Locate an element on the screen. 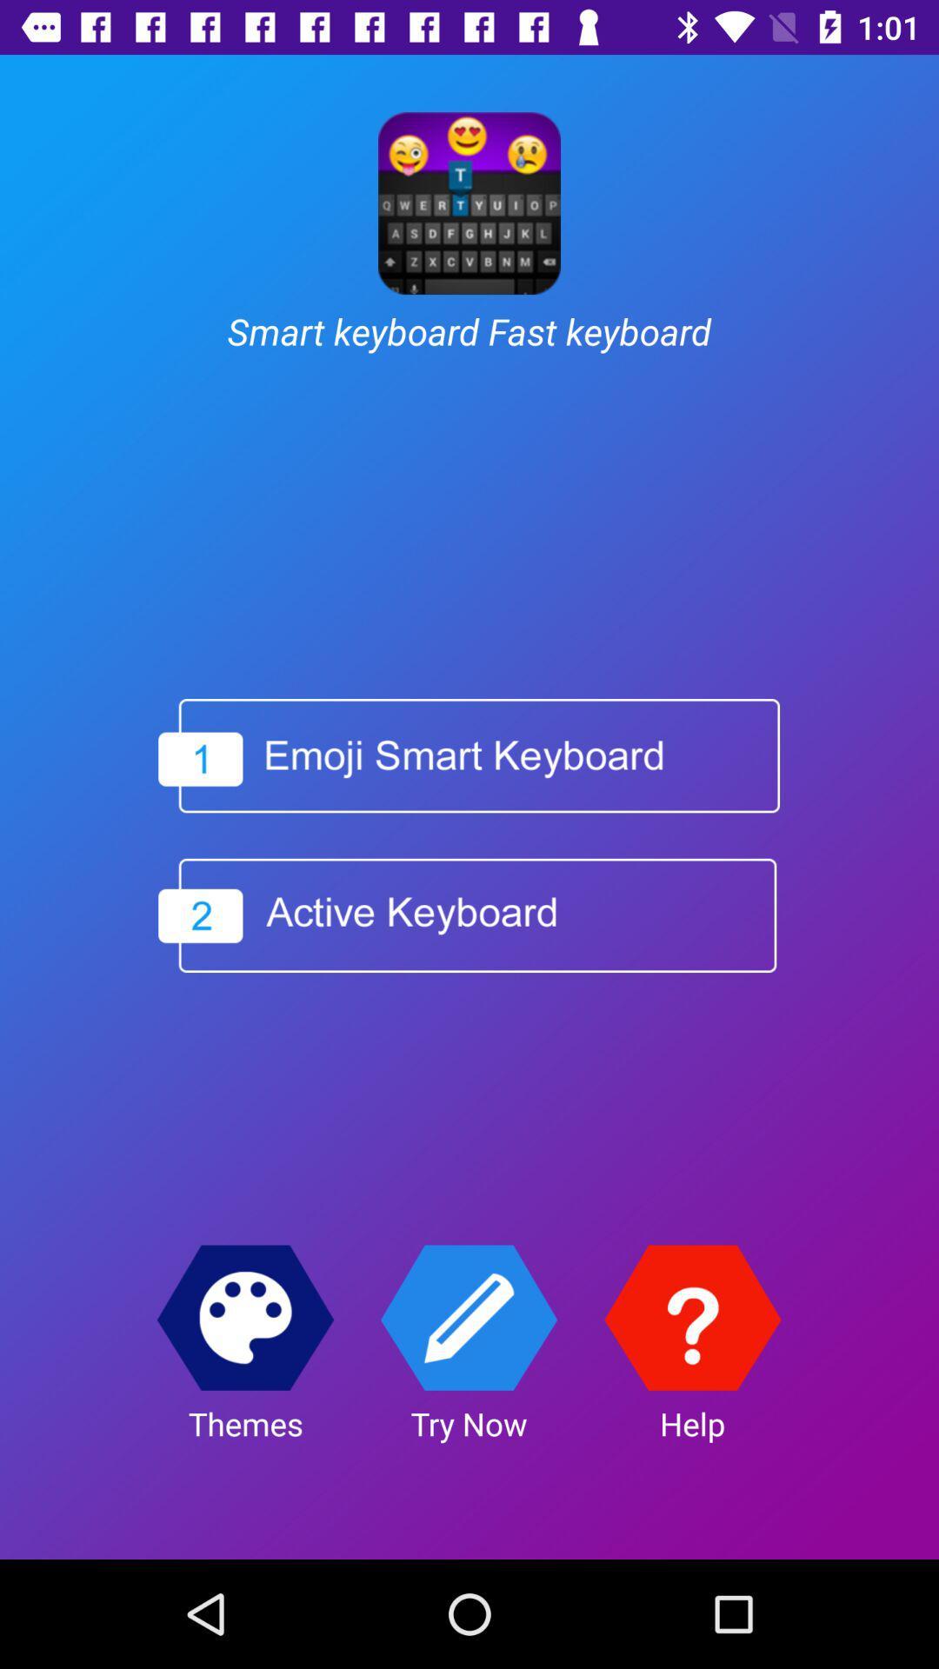 The height and width of the screenshot is (1669, 939). the emoji icon is located at coordinates (245, 1318).